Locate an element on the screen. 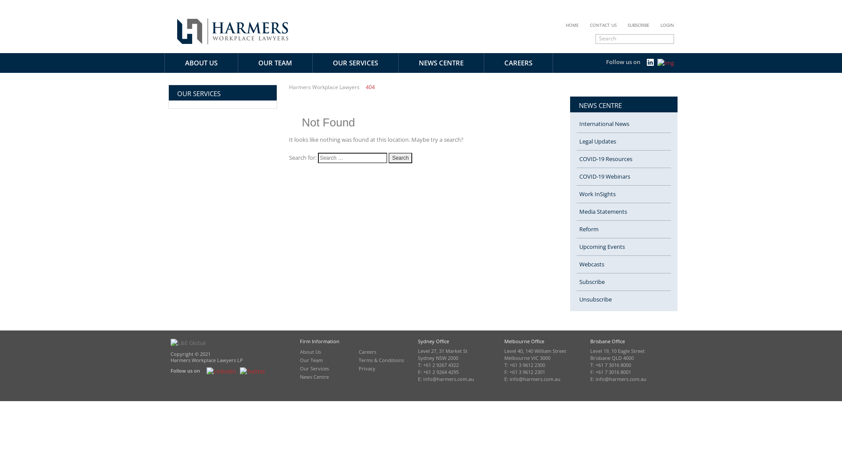 The height and width of the screenshot is (474, 842). 'OUR TEAM' is located at coordinates (275, 62).